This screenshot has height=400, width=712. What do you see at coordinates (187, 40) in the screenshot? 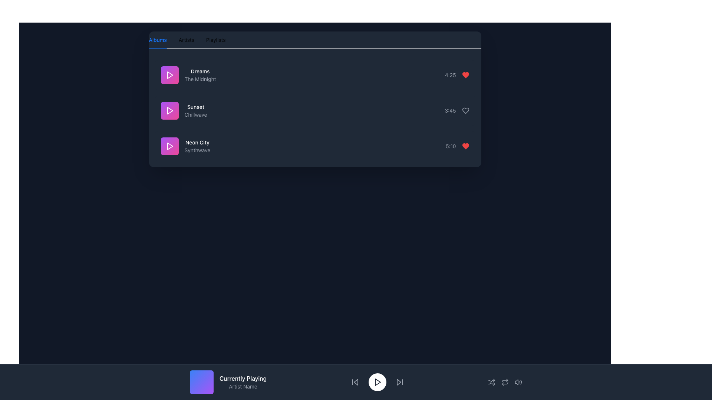
I see `the 'Artists' tab navigation button, which is positioned at the top-left section of a dark interface, between the 'Albums' and 'Playlists' tabs` at bounding box center [187, 40].